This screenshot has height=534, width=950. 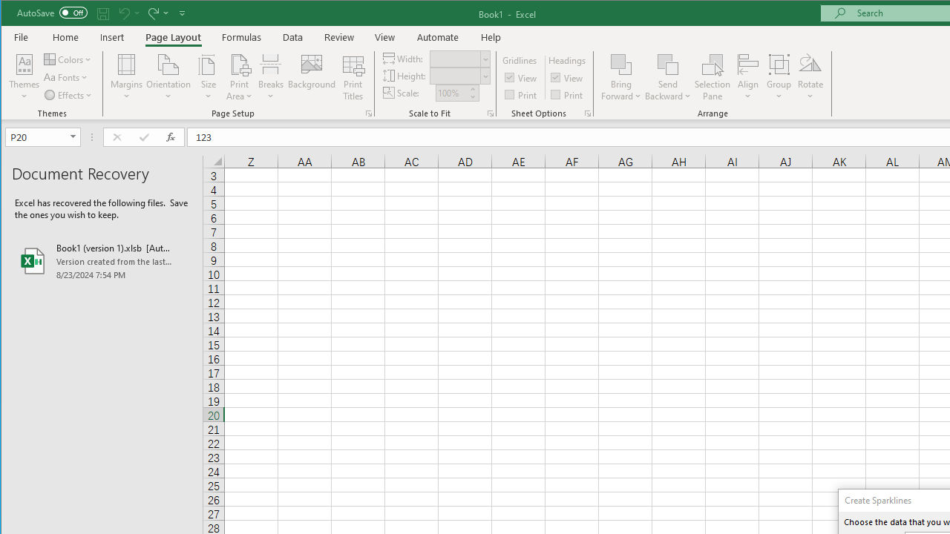 I want to click on 'Selection Pane...', so click(x=712, y=77).